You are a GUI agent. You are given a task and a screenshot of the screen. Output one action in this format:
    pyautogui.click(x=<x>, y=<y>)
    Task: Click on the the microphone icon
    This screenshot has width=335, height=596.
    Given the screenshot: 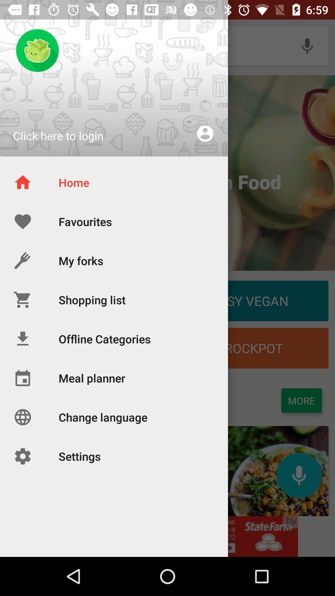 What is the action you would take?
    pyautogui.click(x=299, y=475)
    